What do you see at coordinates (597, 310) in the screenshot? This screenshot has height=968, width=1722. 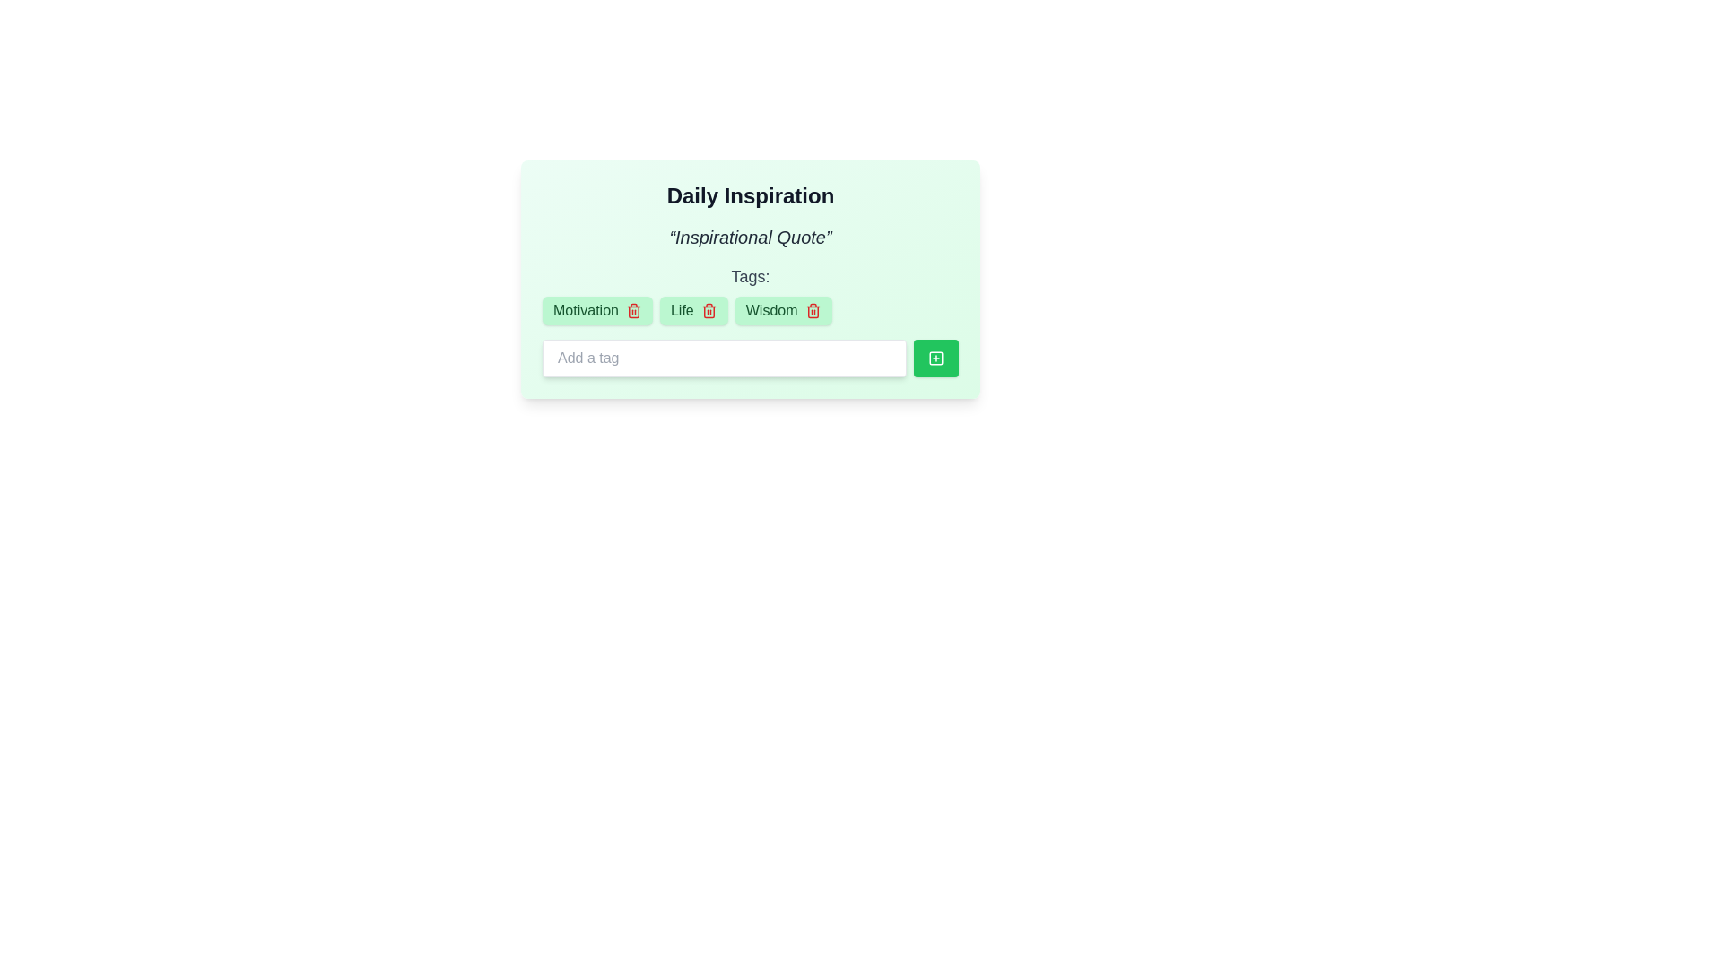 I see `the 'Motivation' tag with a green background and a red trash icon located in the 'Tags' section of the interface` at bounding box center [597, 310].